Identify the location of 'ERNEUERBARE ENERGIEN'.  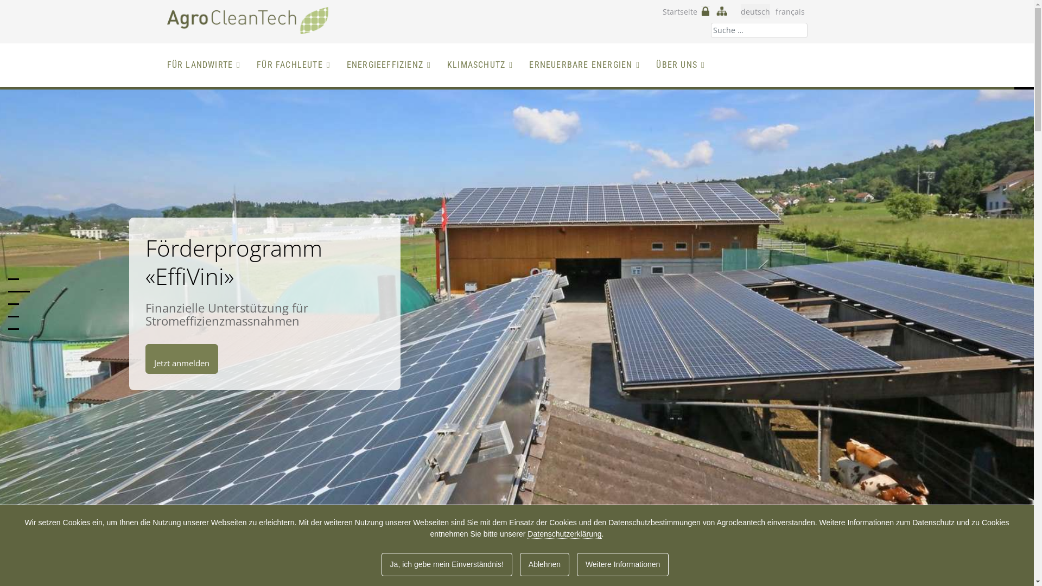
(583, 65).